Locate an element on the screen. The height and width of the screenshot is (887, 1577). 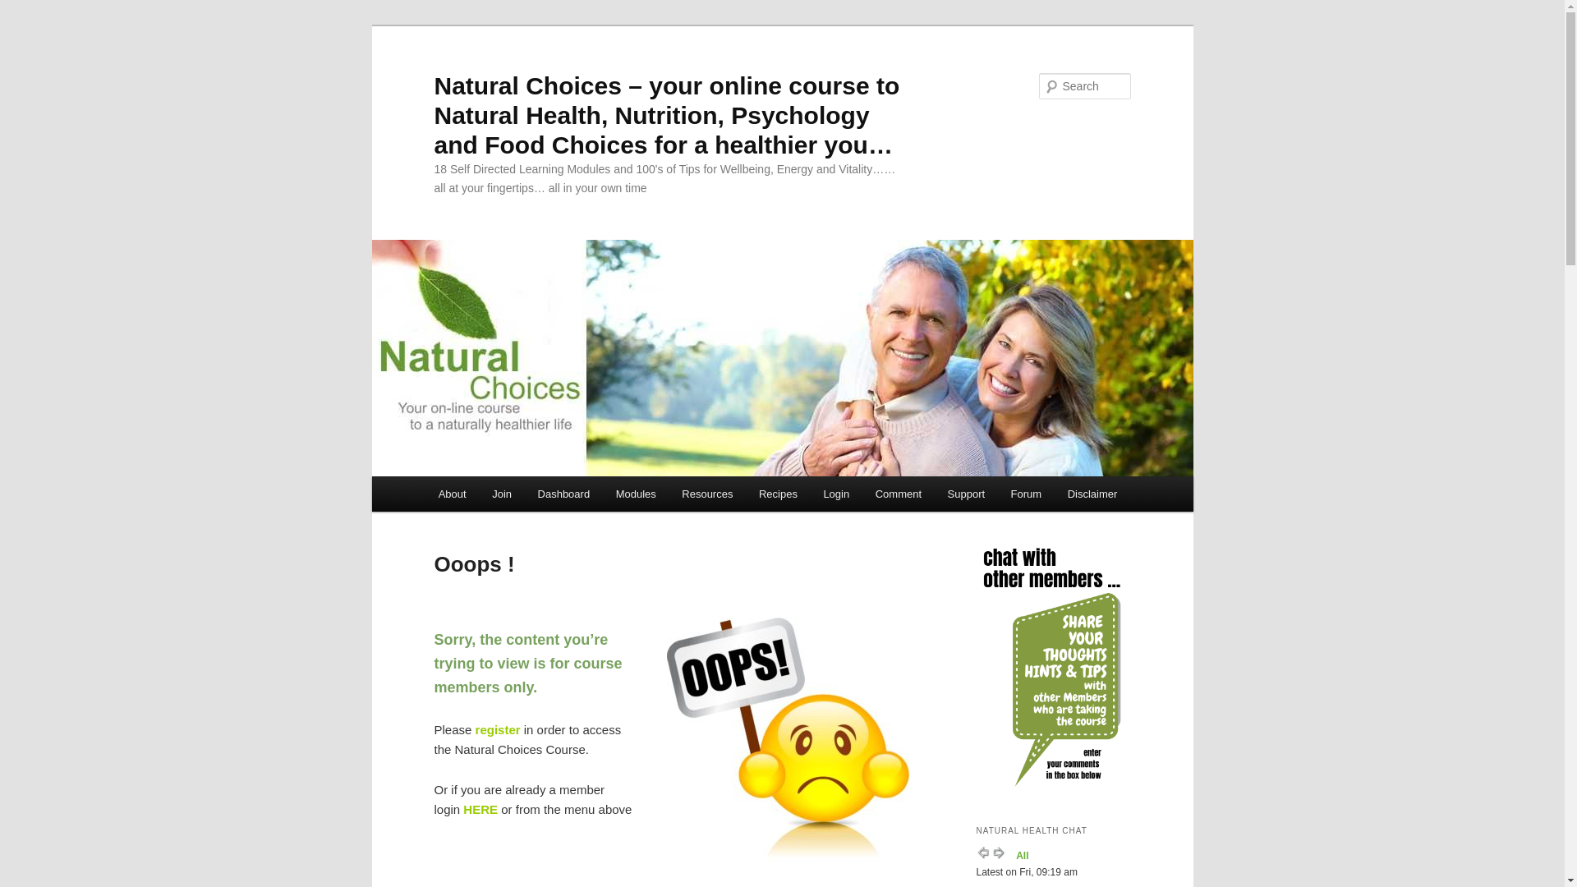
'Support' is located at coordinates (966, 493).